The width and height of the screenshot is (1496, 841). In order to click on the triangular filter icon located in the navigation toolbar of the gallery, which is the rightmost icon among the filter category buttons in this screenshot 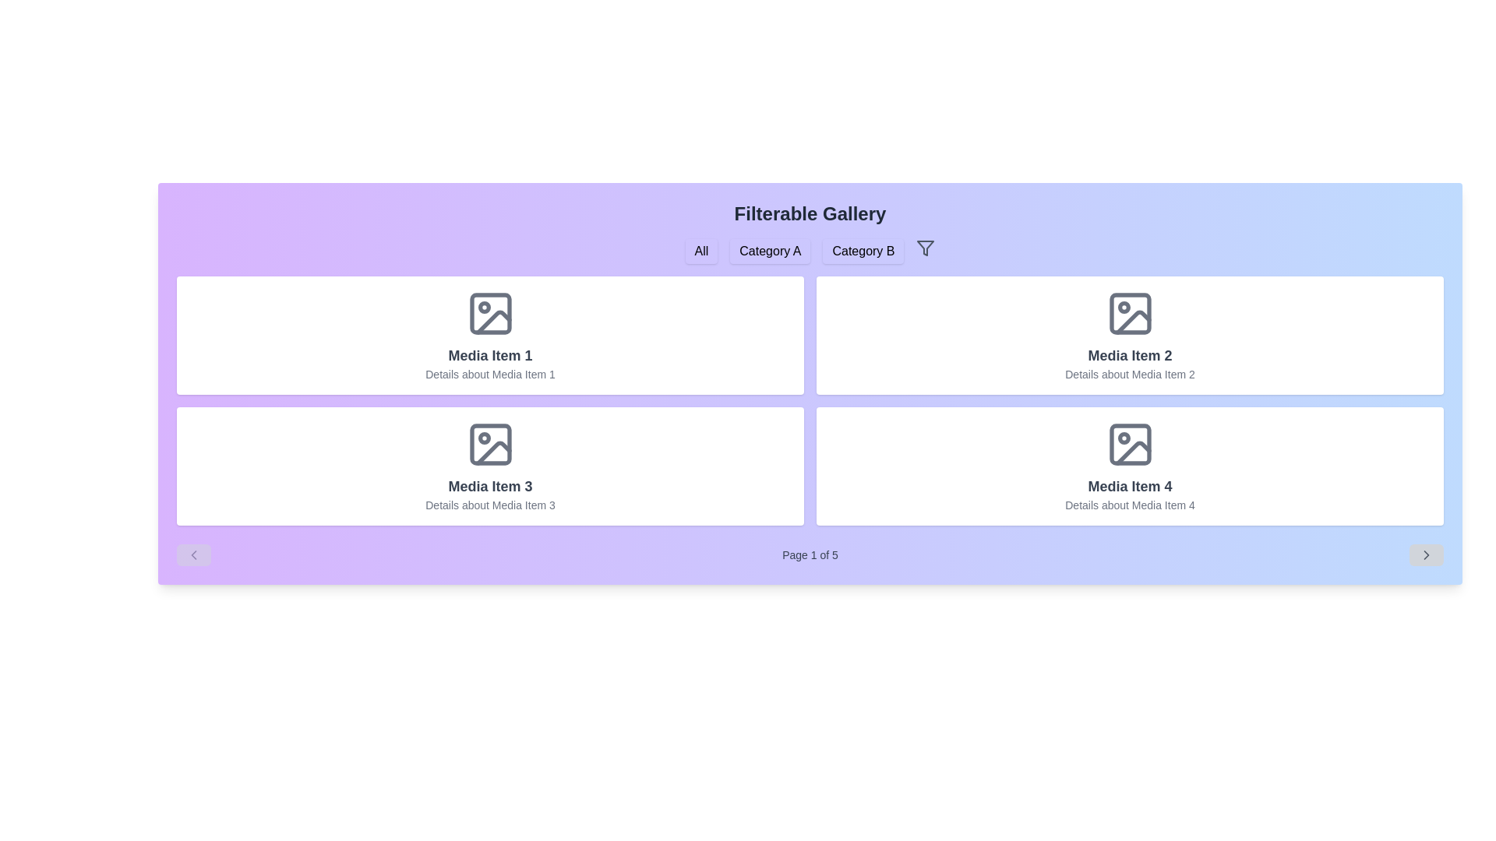, I will do `click(926, 248)`.